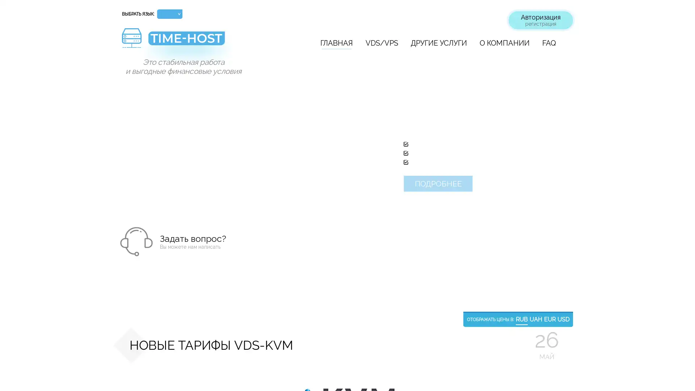 This screenshot has width=695, height=391. Describe the element at coordinates (169, 80) in the screenshot. I see `it IT` at that location.